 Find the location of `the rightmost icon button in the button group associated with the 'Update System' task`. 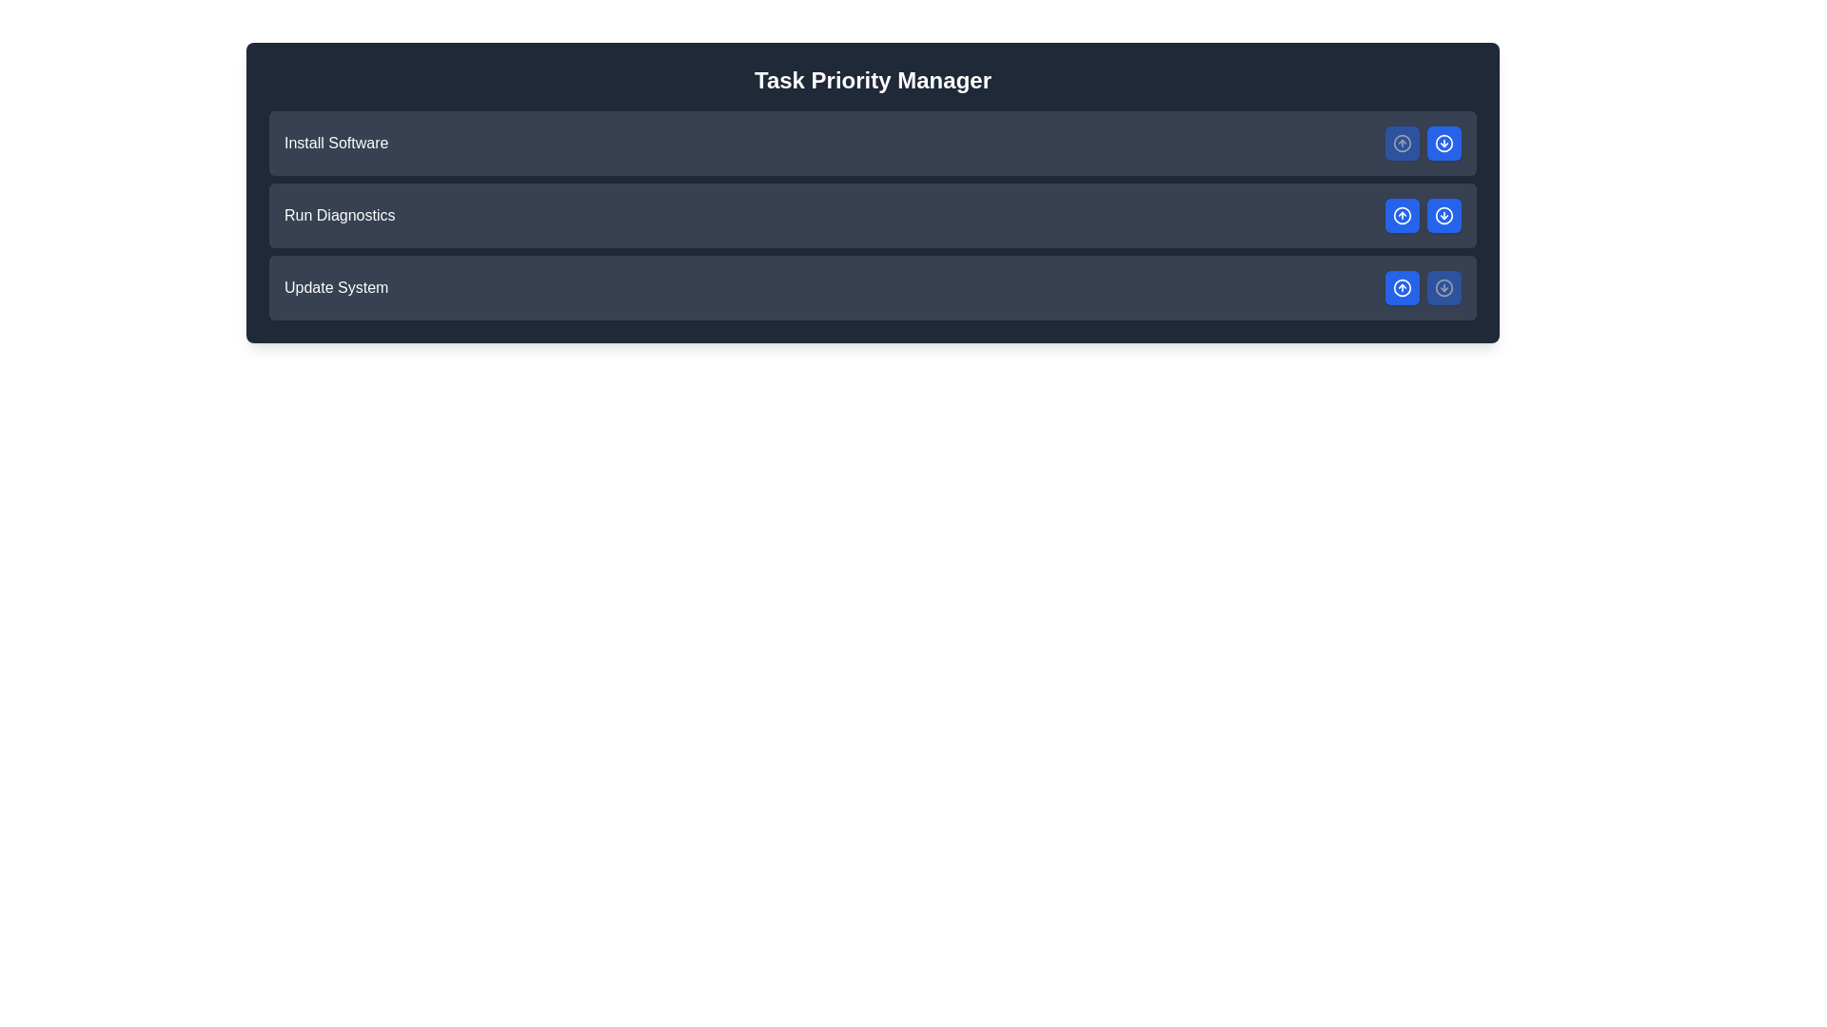

the rightmost icon button in the button group associated with the 'Update System' task is located at coordinates (1444, 288).